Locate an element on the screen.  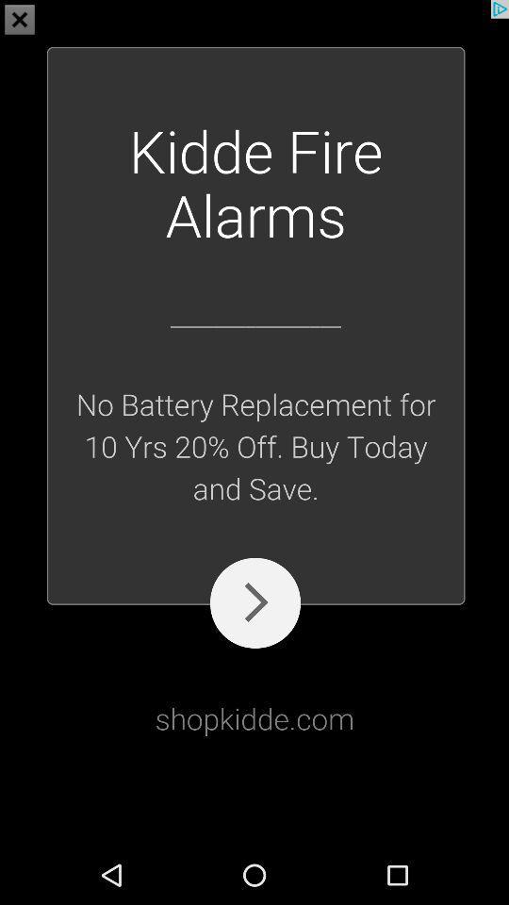
the close icon is located at coordinates (19, 20).